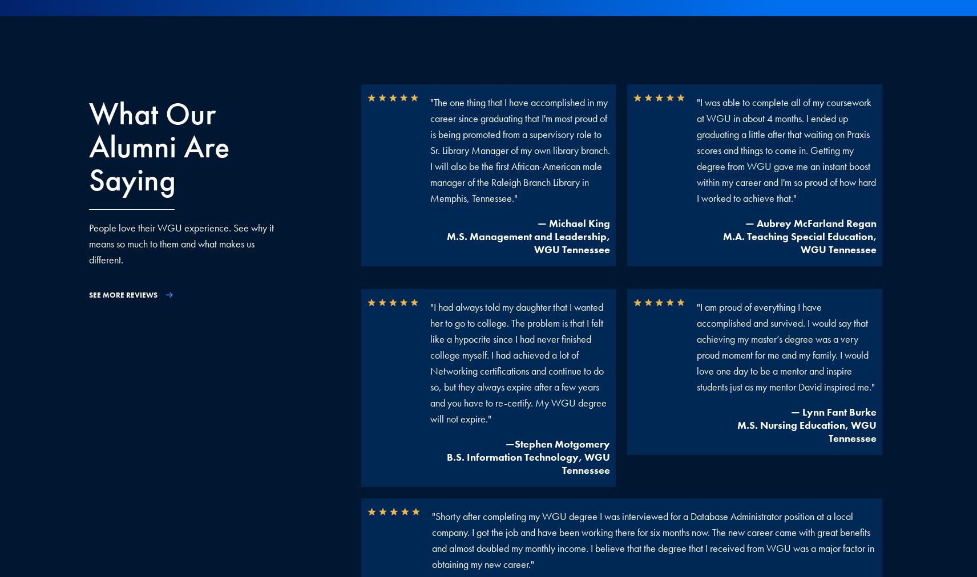  What do you see at coordinates (88, 294) in the screenshot?
I see `'SEE MORE REVIEWS'` at bounding box center [88, 294].